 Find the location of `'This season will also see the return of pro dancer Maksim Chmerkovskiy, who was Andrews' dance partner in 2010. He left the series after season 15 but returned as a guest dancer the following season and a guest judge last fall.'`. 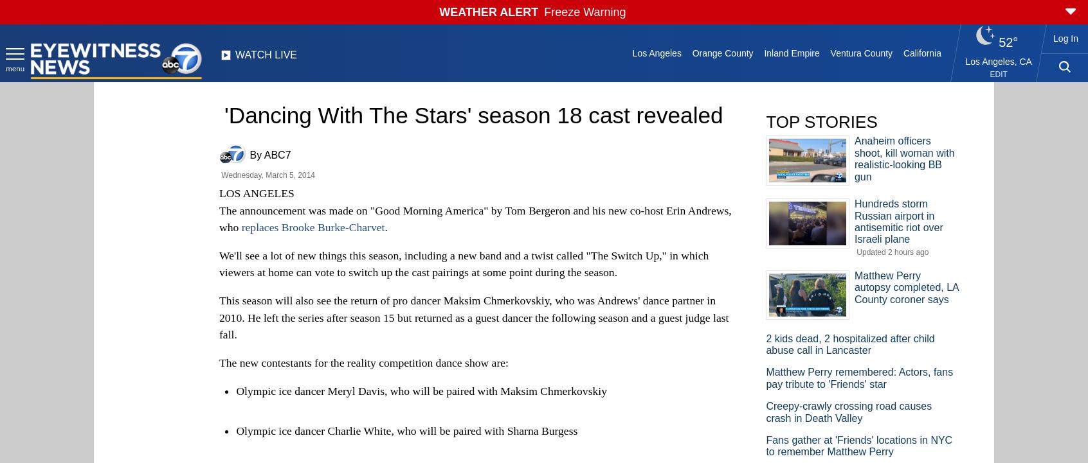

'This season will also see the return of pro dancer Maksim Chmerkovskiy, who was Andrews' dance partner in 2010. He left the series after season 15 but returned as a guest dancer the following season and a guest judge last fall.' is located at coordinates (218, 317).